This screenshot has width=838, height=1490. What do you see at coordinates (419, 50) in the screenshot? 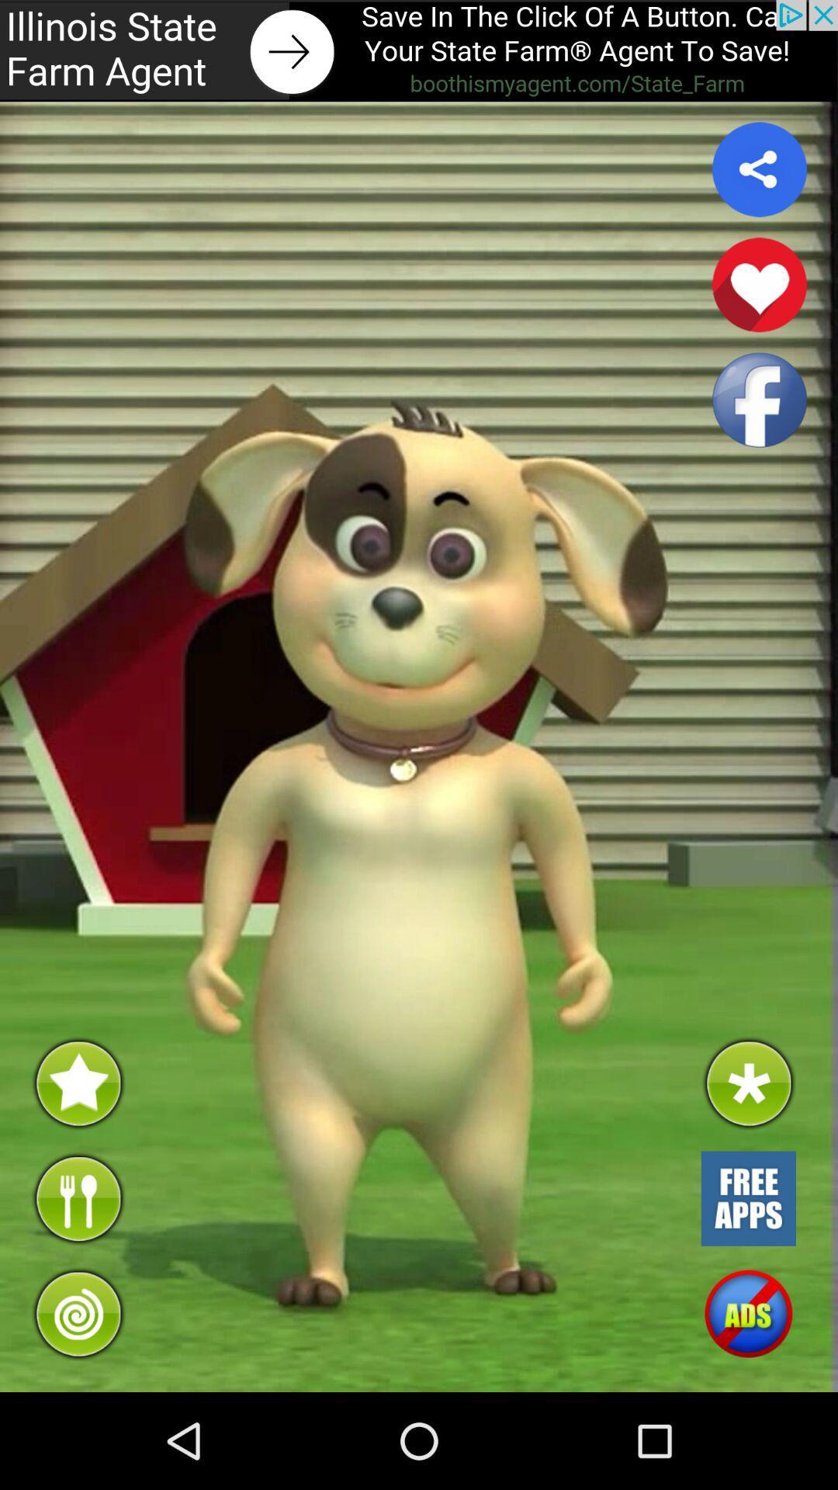
I see `open advertisement` at bounding box center [419, 50].